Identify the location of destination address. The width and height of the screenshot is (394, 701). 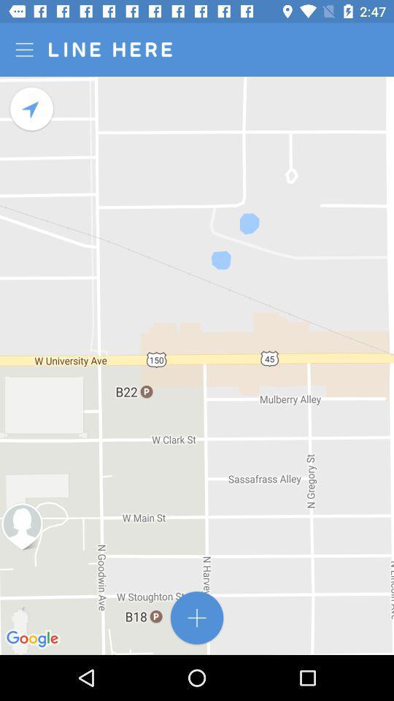
(197, 618).